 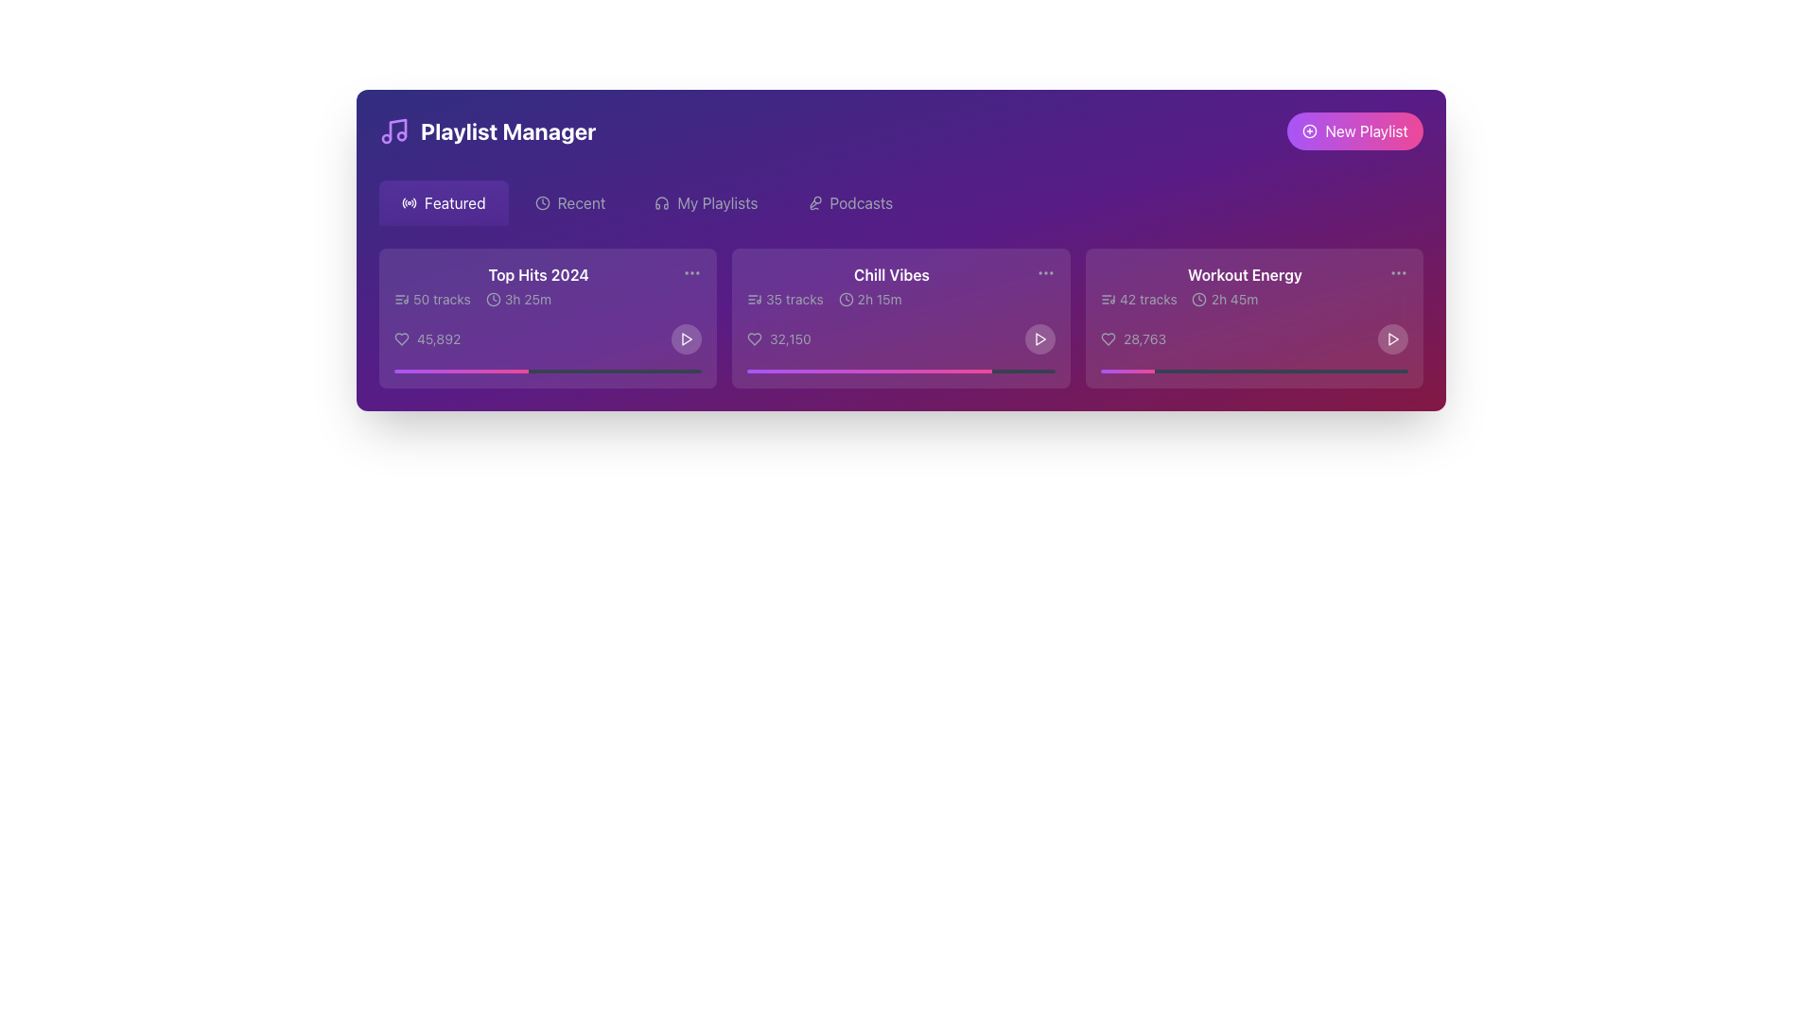 What do you see at coordinates (1354, 130) in the screenshot?
I see `the functional button located in the top-right corner of the 'Playlist Manager' section to initiate the creation of a new playlist` at bounding box center [1354, 130].